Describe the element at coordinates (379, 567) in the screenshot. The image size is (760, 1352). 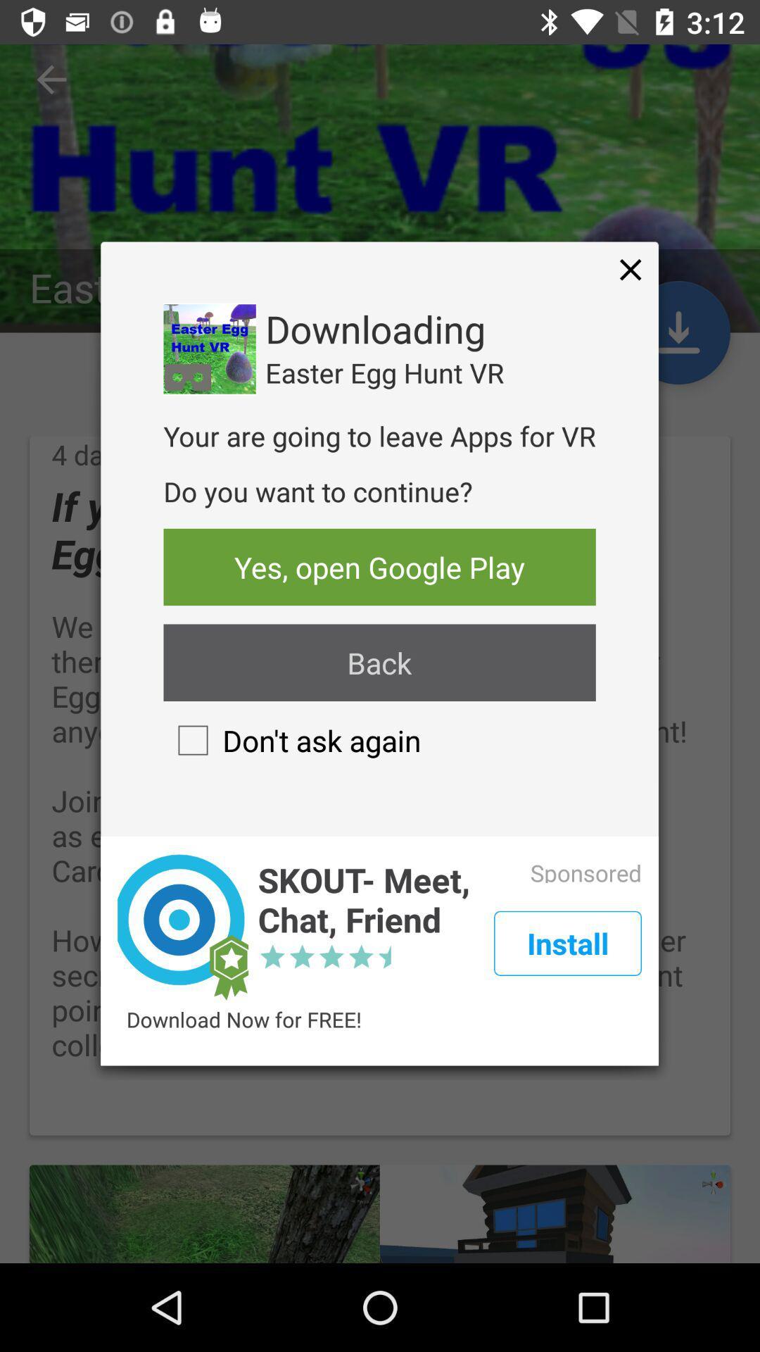
I see `the item below the do you want icon` at that location.